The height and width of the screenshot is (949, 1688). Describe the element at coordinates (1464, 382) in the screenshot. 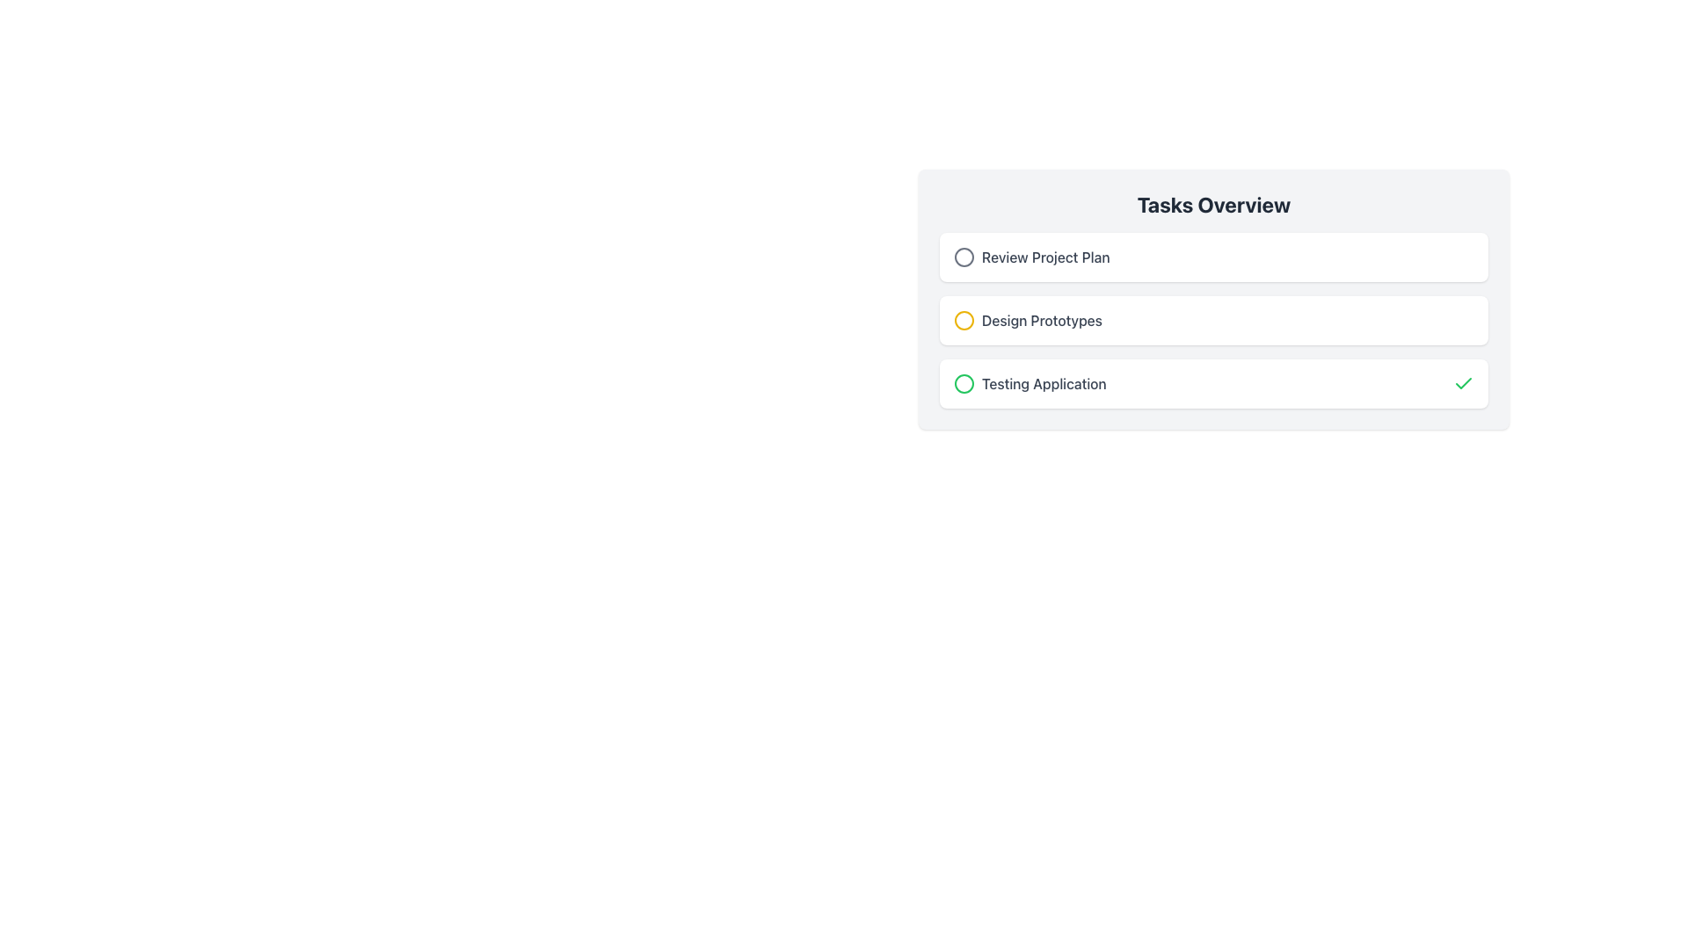

I see `the status by interacting with the confirmation icon located at the bottom right corner of the 'Testing Application' card, which indicates a completed task` at that location.